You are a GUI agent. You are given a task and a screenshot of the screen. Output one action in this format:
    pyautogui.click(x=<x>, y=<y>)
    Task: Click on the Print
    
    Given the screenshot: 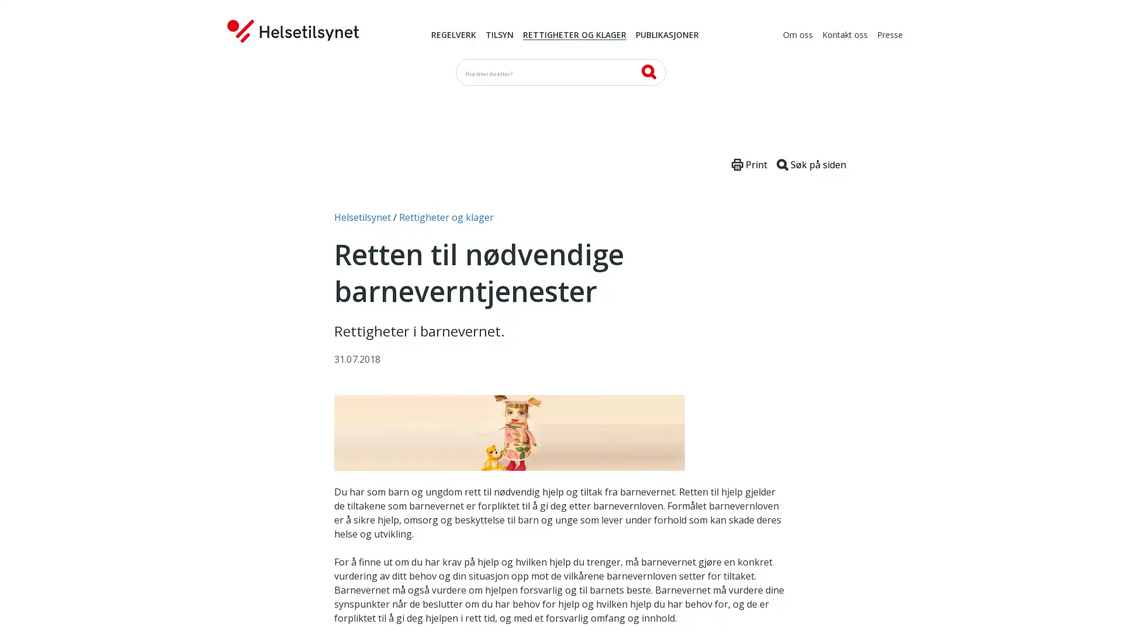 What is the action you would take?
    pyautogui.click(x=749, y=164)
    